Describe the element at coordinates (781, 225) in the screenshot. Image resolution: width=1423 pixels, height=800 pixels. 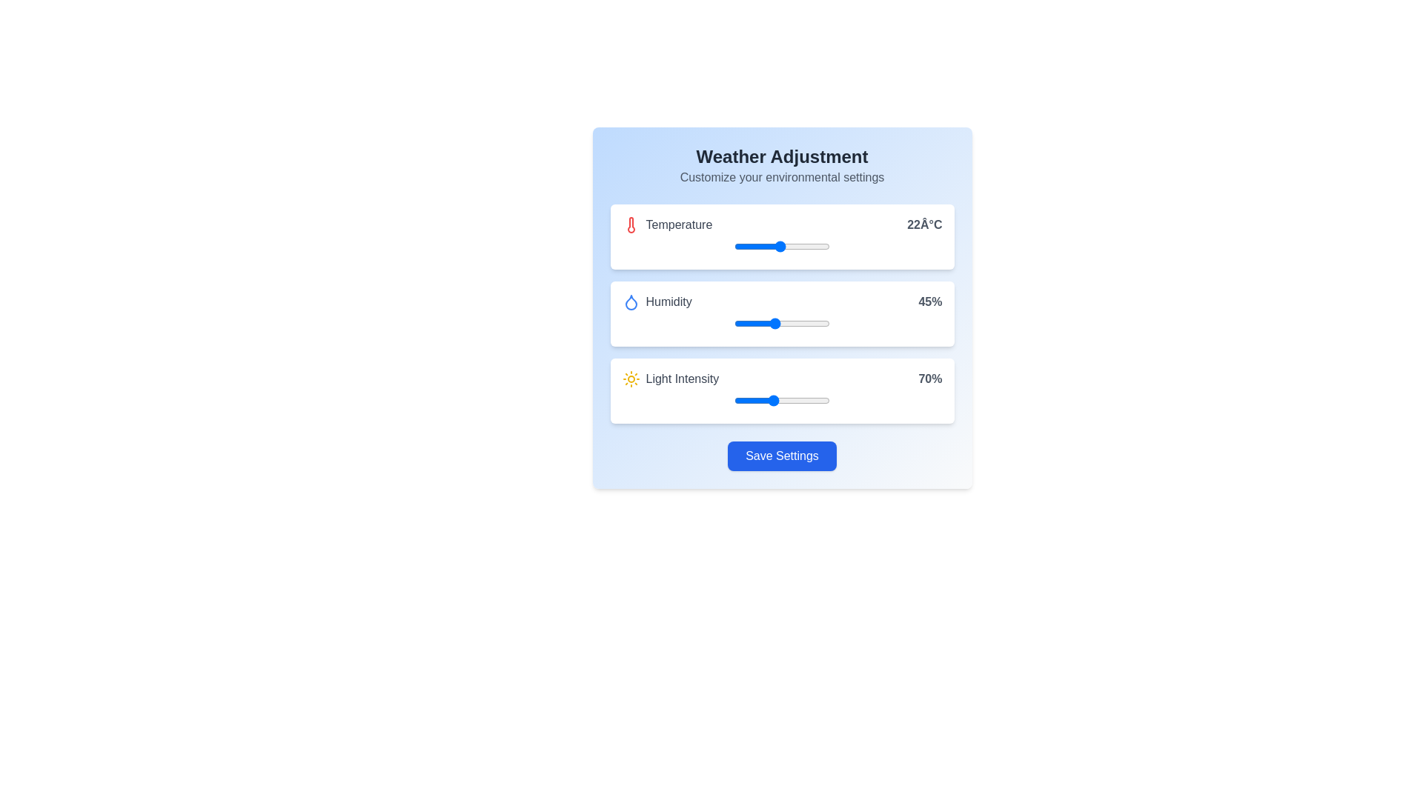
I see `the Information display row that shows the temperature setting located at the top of the weather adjustment section` at that location.